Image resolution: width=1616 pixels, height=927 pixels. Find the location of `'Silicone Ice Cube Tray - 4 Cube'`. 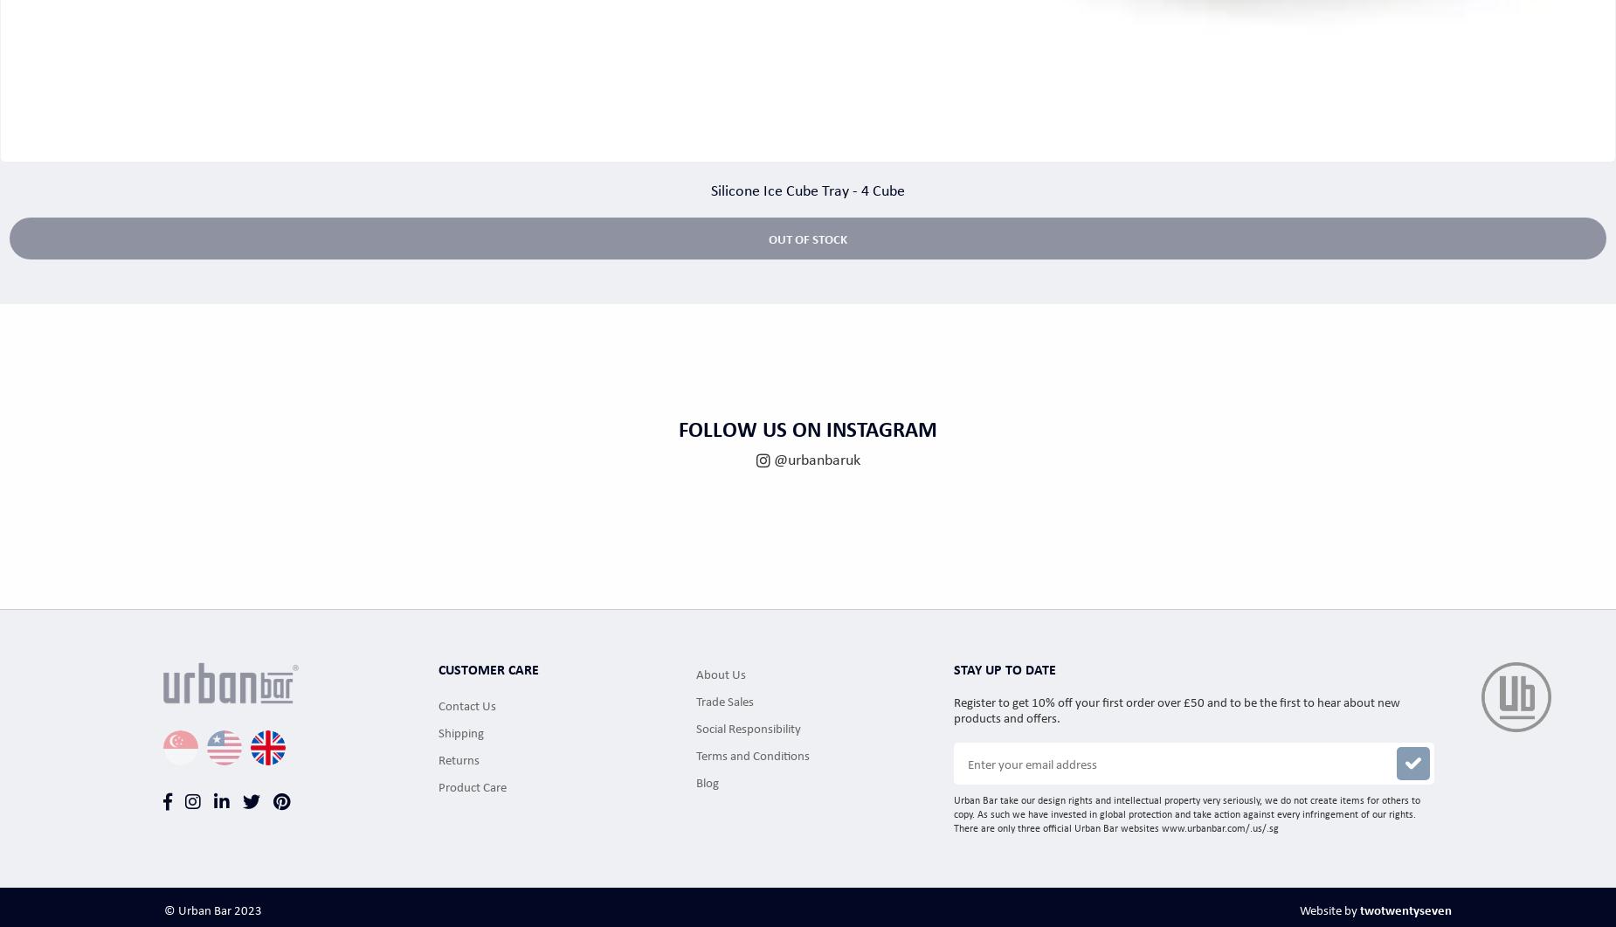

'Silicone Ice Cube Tray - 4 Cube' is located at coordinates (808, 188).